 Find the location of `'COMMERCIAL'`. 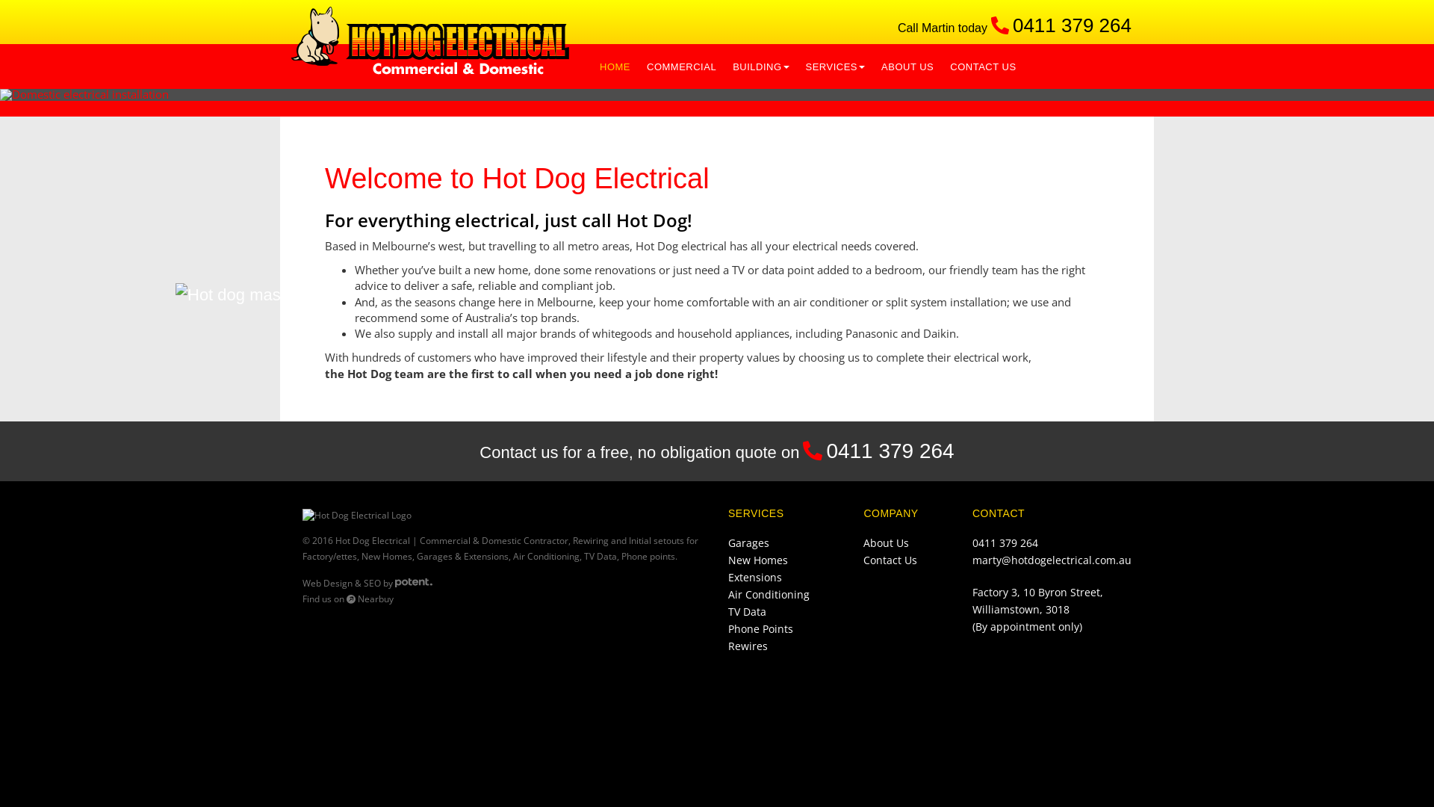

'COMMERCIAL' is located at coordinates (680, 65).